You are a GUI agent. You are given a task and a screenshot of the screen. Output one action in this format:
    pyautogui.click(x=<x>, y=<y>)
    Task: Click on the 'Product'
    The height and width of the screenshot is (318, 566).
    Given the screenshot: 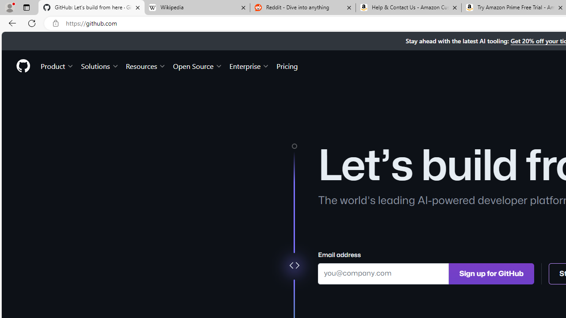 What is the action you would take?
    pyautogui.click(x=57, y=65)
    